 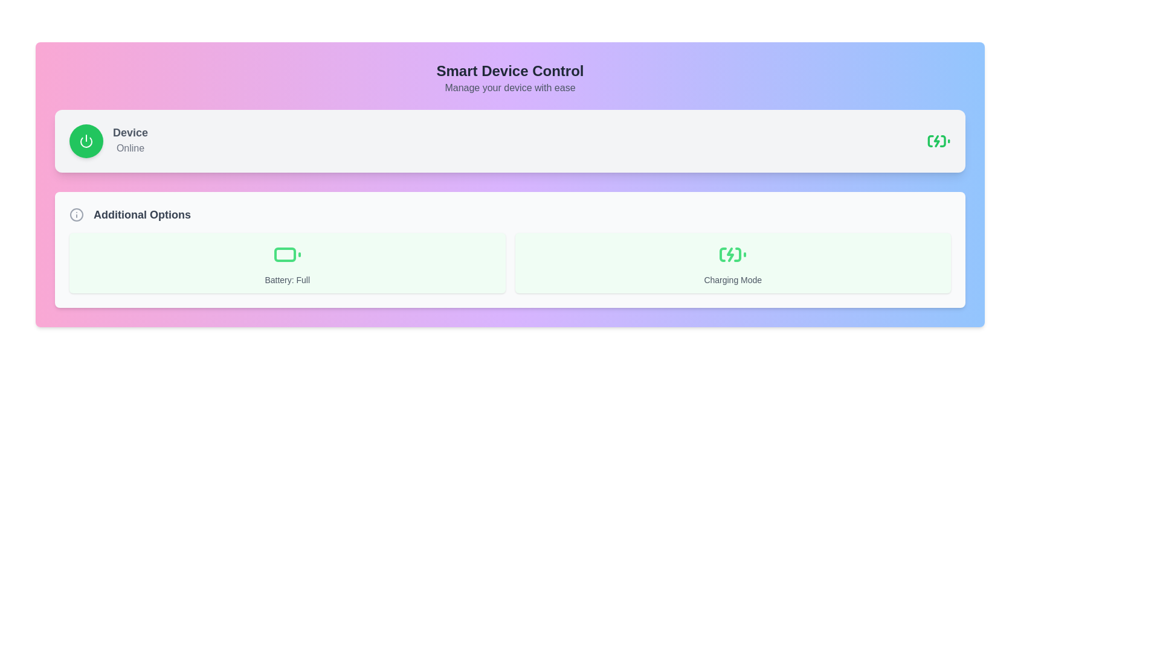 I want to click on the 'Charging Mode' text label, which is styled in a subdued gray font and located centrally below a green charging icon in the additional options section, so click(x=732, y=280).